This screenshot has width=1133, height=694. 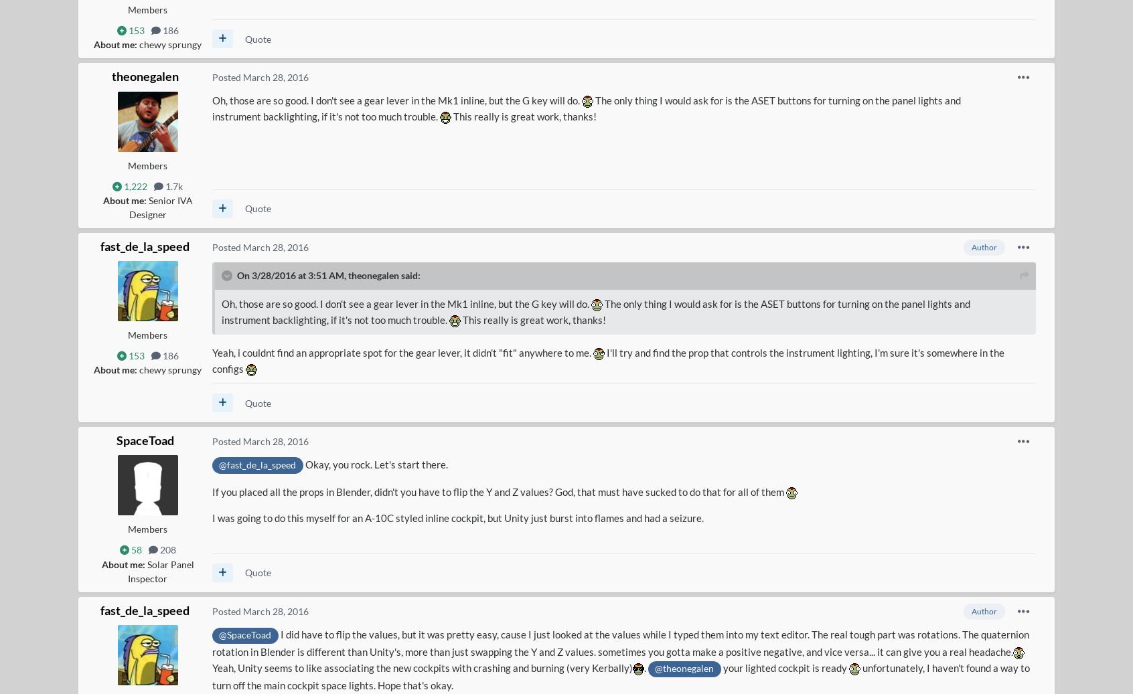 I want to click on 'your lighted cockpit is ready', so click(x=721, y=668).